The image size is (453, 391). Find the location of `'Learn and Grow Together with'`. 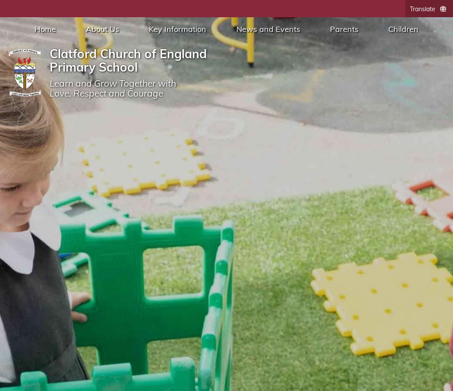

'Learn and Grow Together with' is located at coordinates (113, 82).